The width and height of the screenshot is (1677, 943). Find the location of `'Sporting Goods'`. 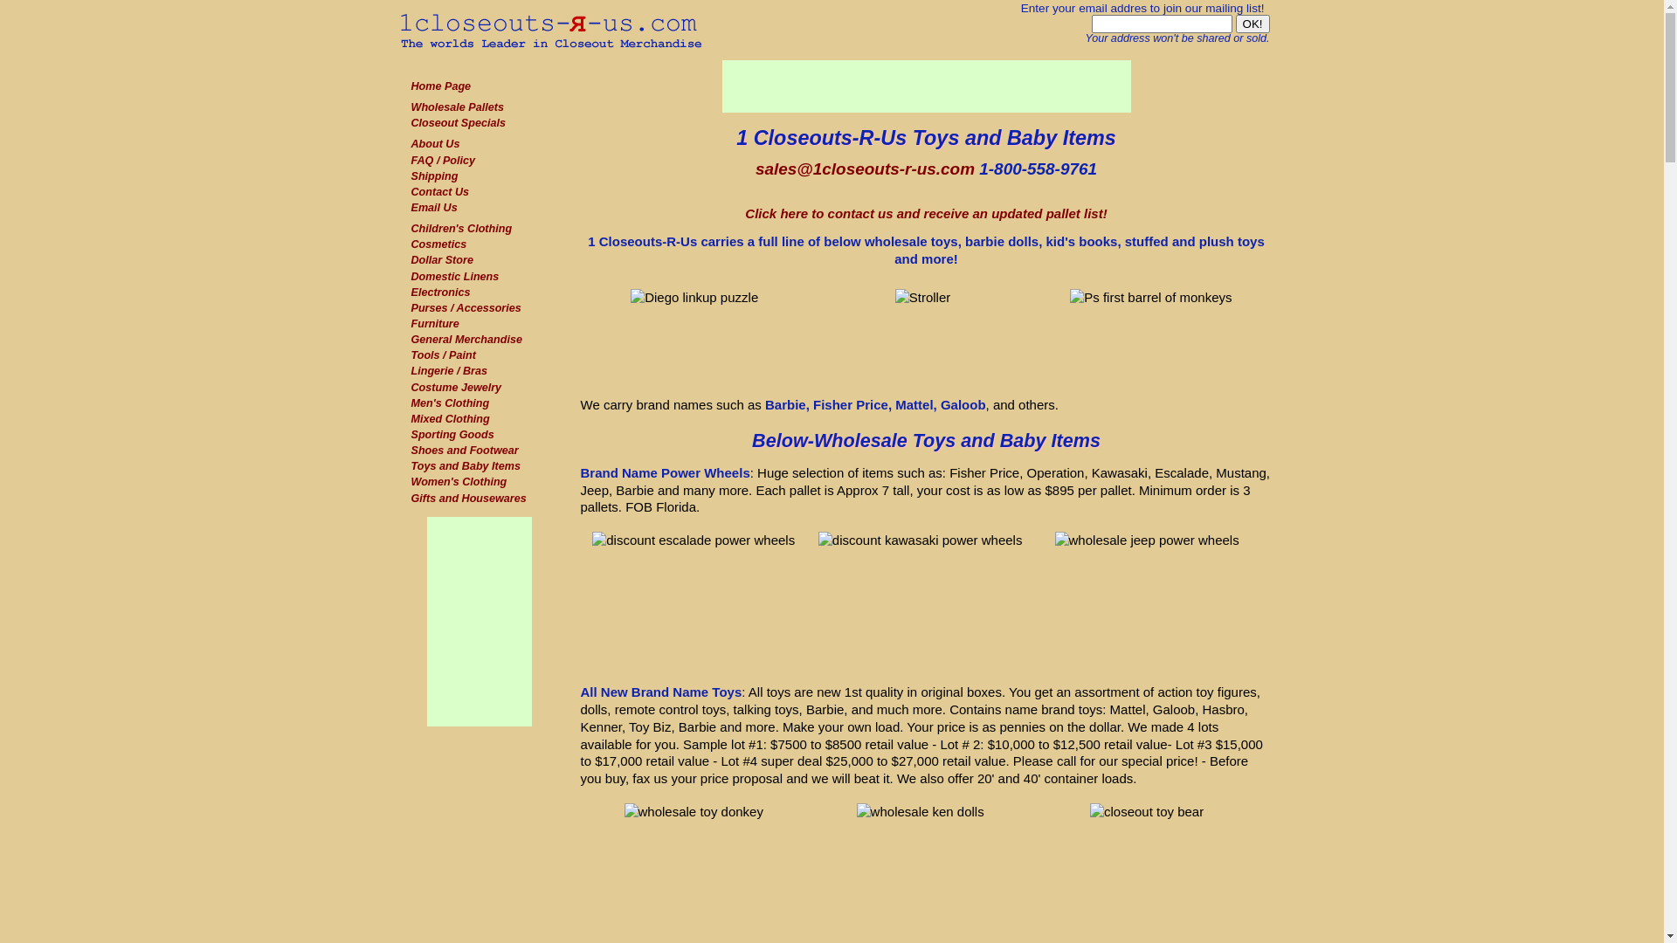

'Sporting Goods' is located at coordinates (452, 433).